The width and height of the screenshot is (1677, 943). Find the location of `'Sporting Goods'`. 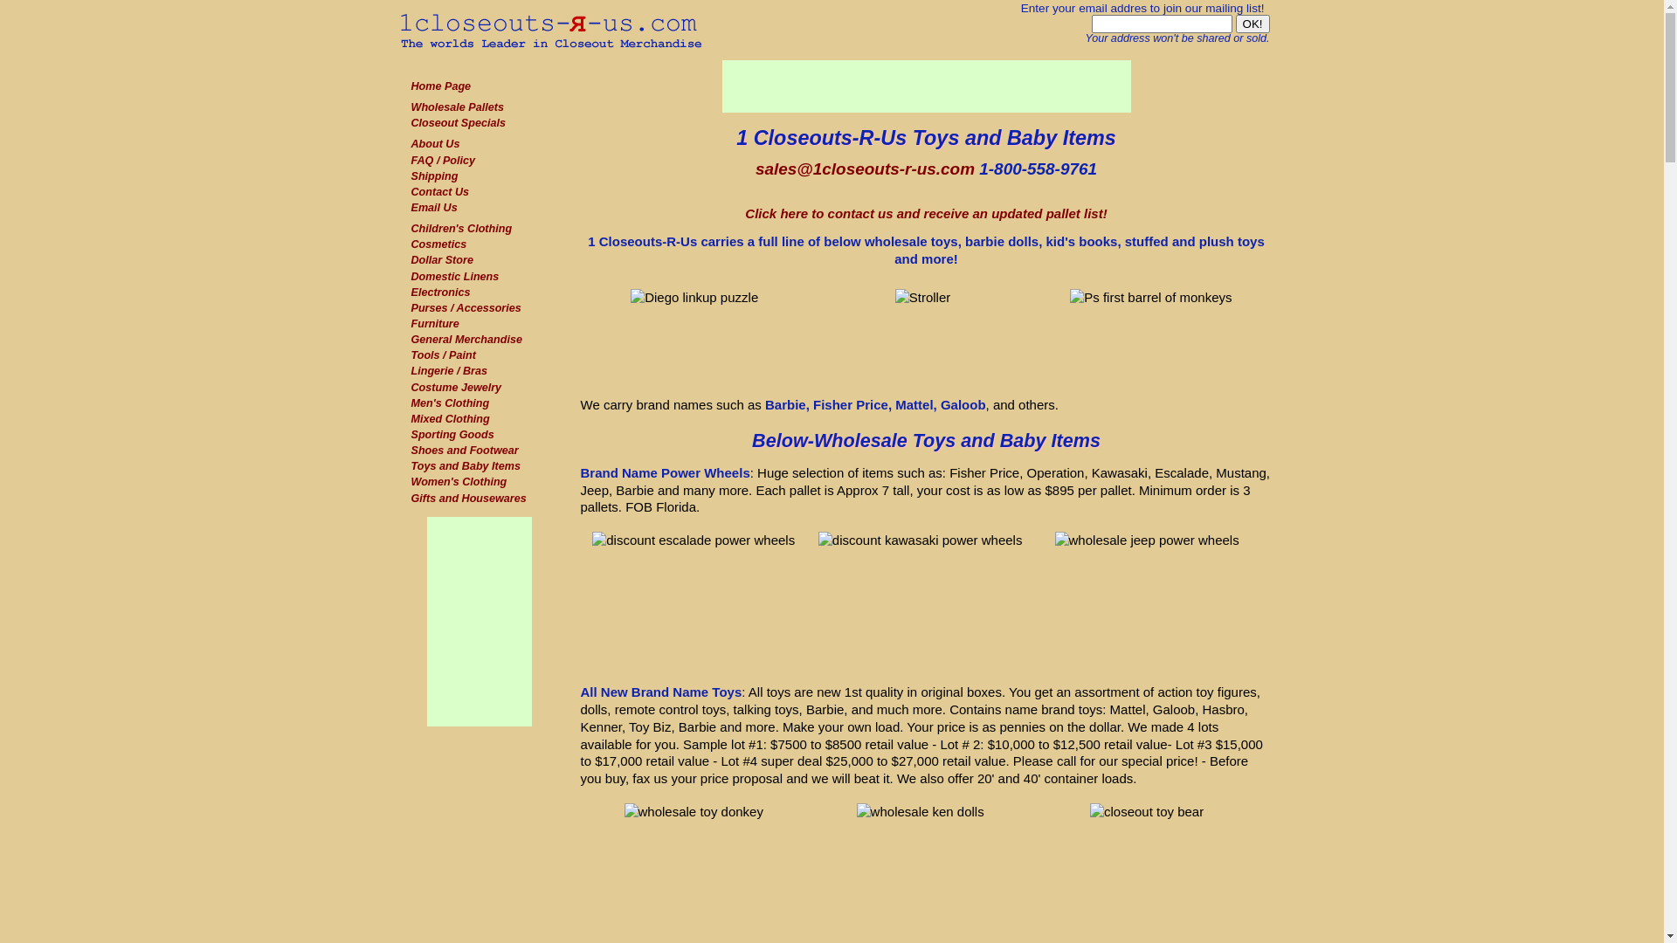

'Sporting Goods' is located at coordinates (452, 433).